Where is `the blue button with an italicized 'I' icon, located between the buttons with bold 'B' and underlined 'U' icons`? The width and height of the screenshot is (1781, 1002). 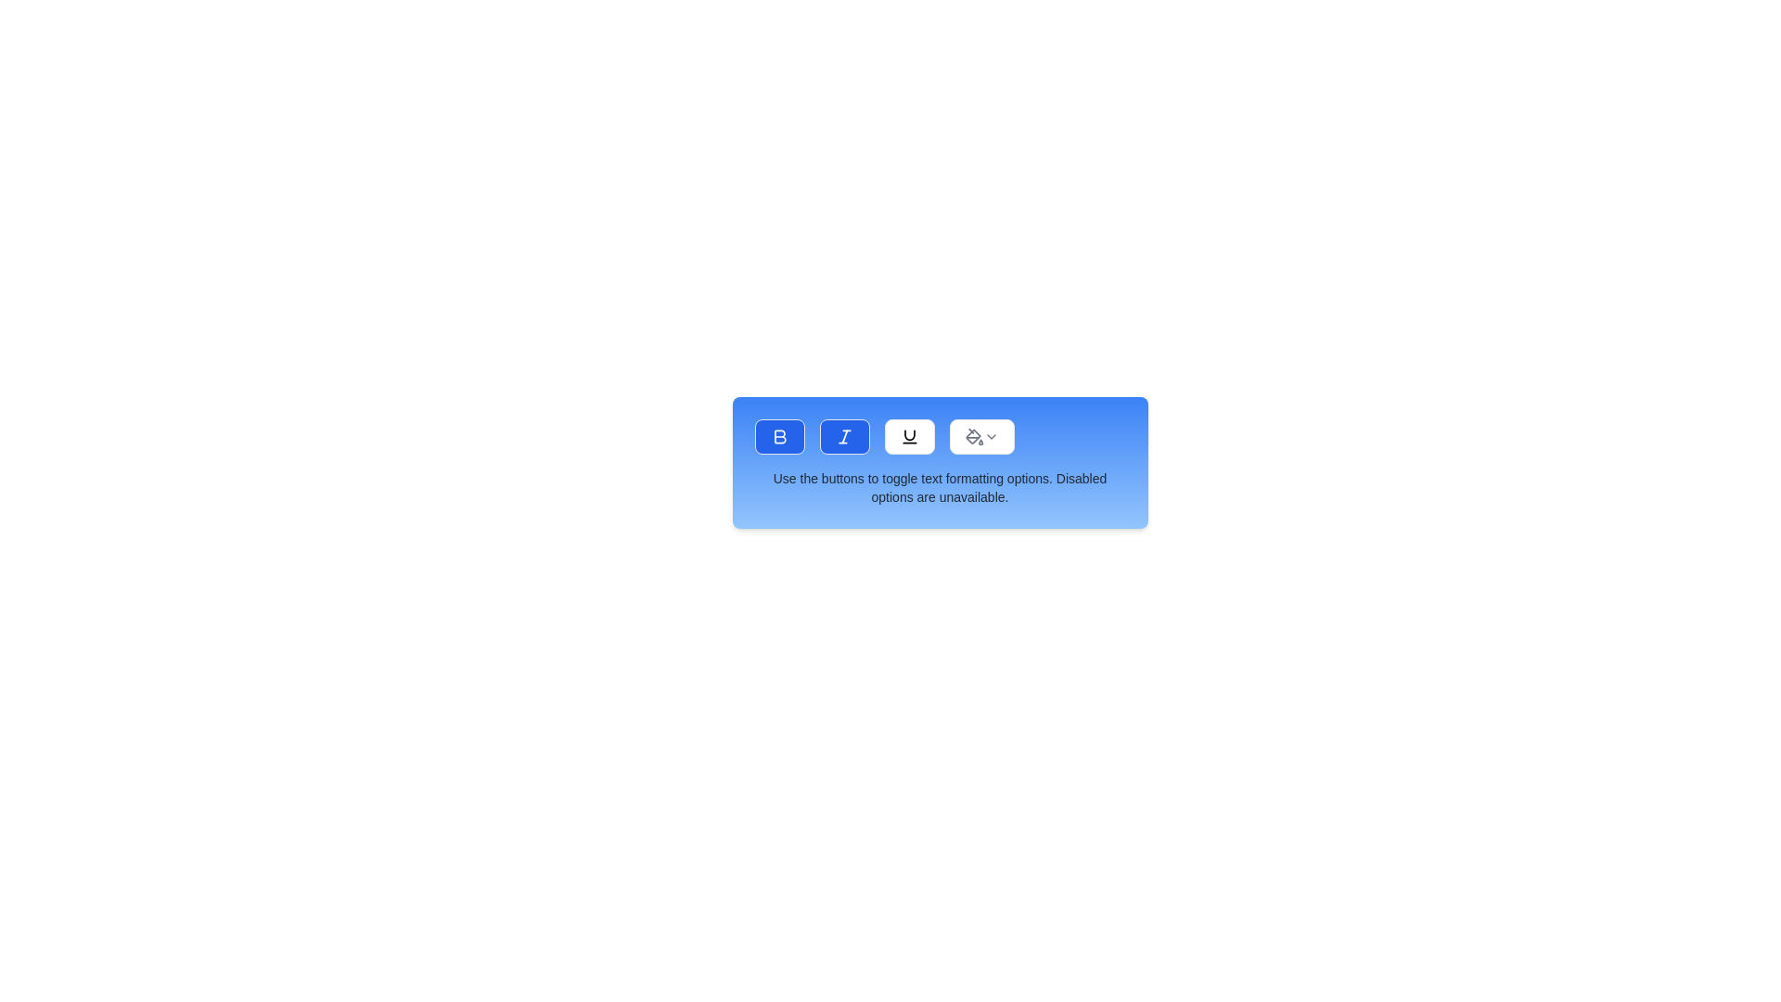 the blue button with an italicized 'I' icon, located between the buttons with bold 'B' and underlined 'U' icons is located at coordinates (843, 436).